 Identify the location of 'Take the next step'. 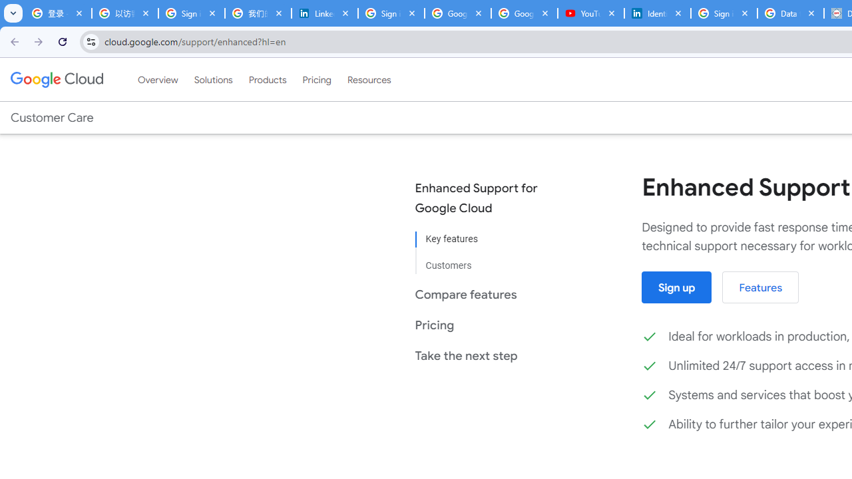
(485, 355).